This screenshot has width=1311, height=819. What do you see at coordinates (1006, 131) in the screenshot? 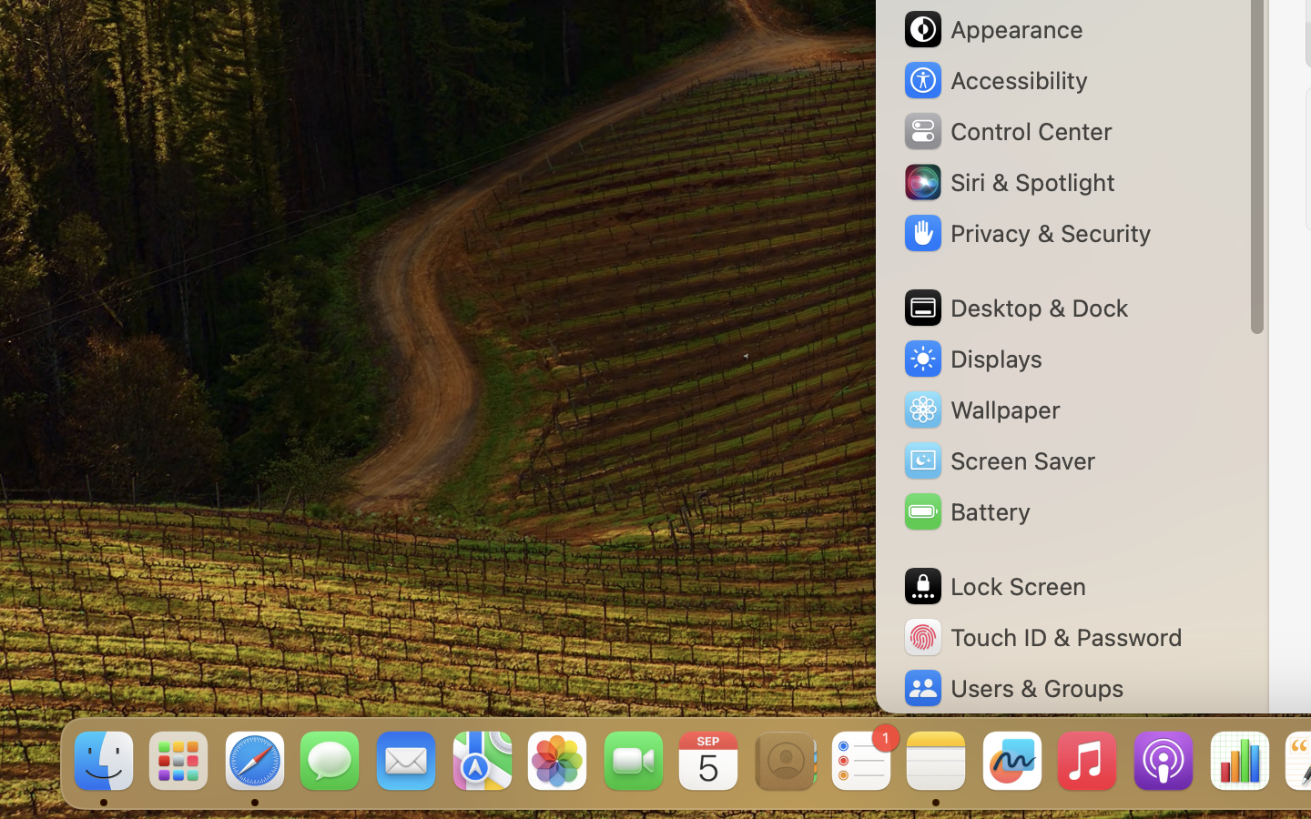
I see `'Control Center'` at bounding box center [1006, 131].